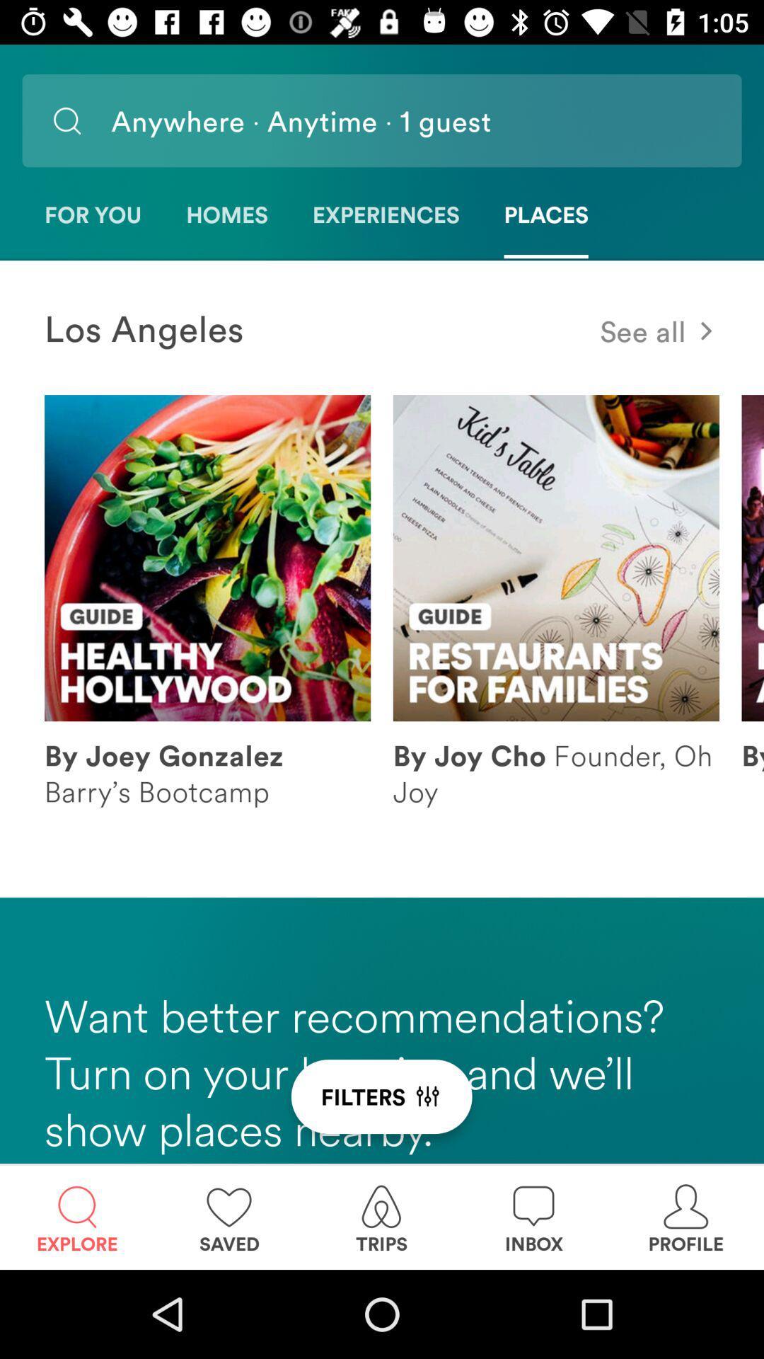 The image size is (764, 1359). Describe the element at coordinates (66, 120) in the screenshot. I see `the search icon` at that location.